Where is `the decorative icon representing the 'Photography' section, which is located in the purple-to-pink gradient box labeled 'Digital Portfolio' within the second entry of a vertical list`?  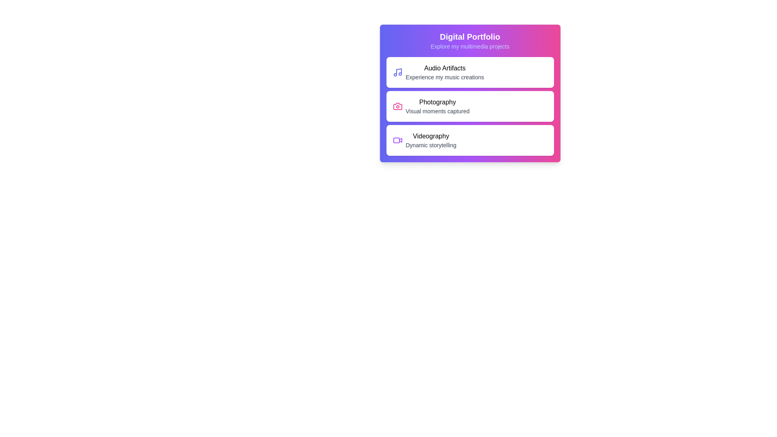 the decorative icon representing the 'Photography' section, which is located in the purple-to-pink gradient box labeled 'Digital Portfolio' within the second entry of a vertical list is located at coordinates (397, 106).